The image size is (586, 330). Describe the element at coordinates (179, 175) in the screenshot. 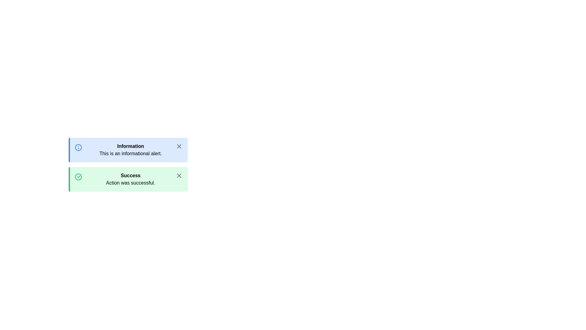

I see `the 'X' icon in the top-right corner of the 'Success' notification bar` at that location.